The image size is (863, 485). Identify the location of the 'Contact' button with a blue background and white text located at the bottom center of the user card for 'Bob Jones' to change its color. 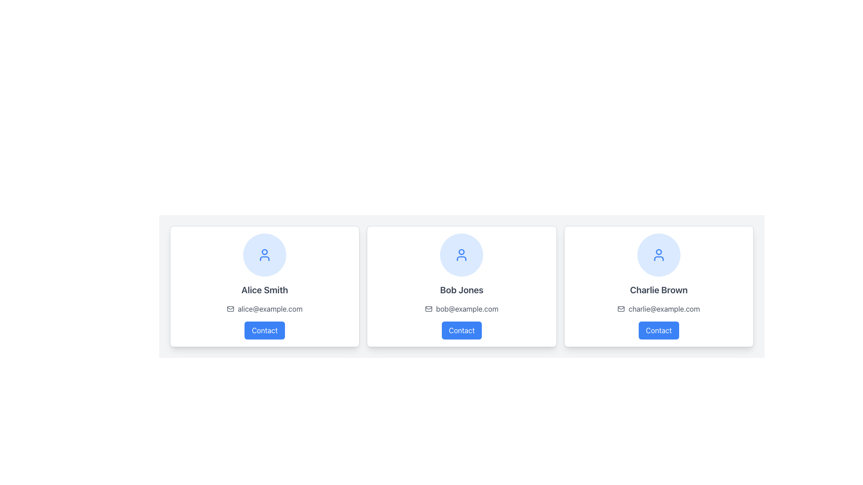
(462, 331).